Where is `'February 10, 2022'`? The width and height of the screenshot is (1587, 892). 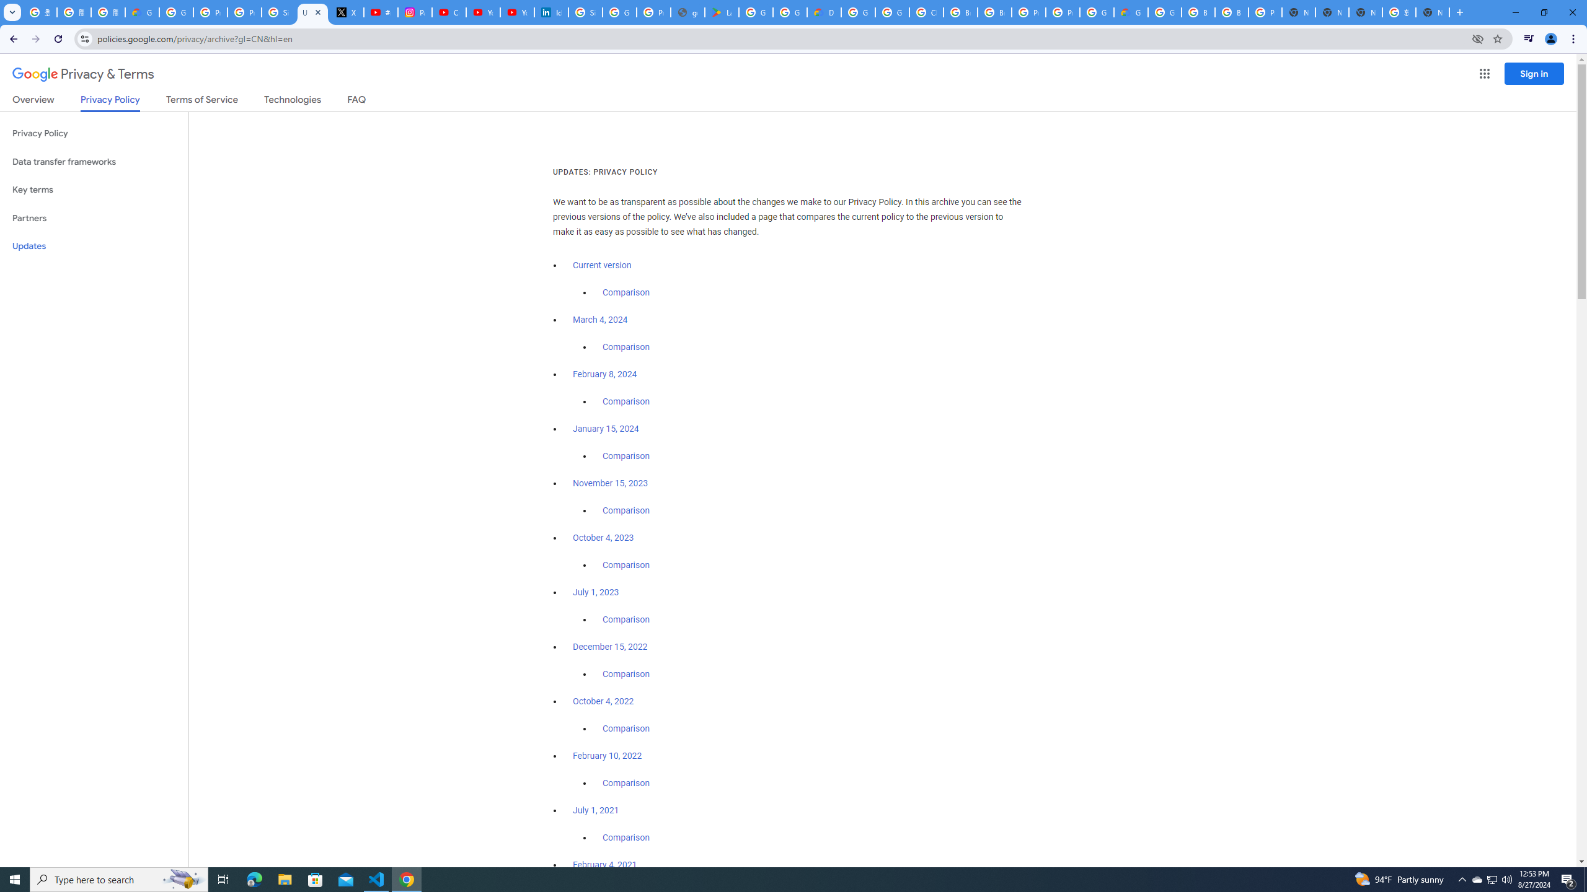
'February 10, 2022' is located at coordinates (607, 754).